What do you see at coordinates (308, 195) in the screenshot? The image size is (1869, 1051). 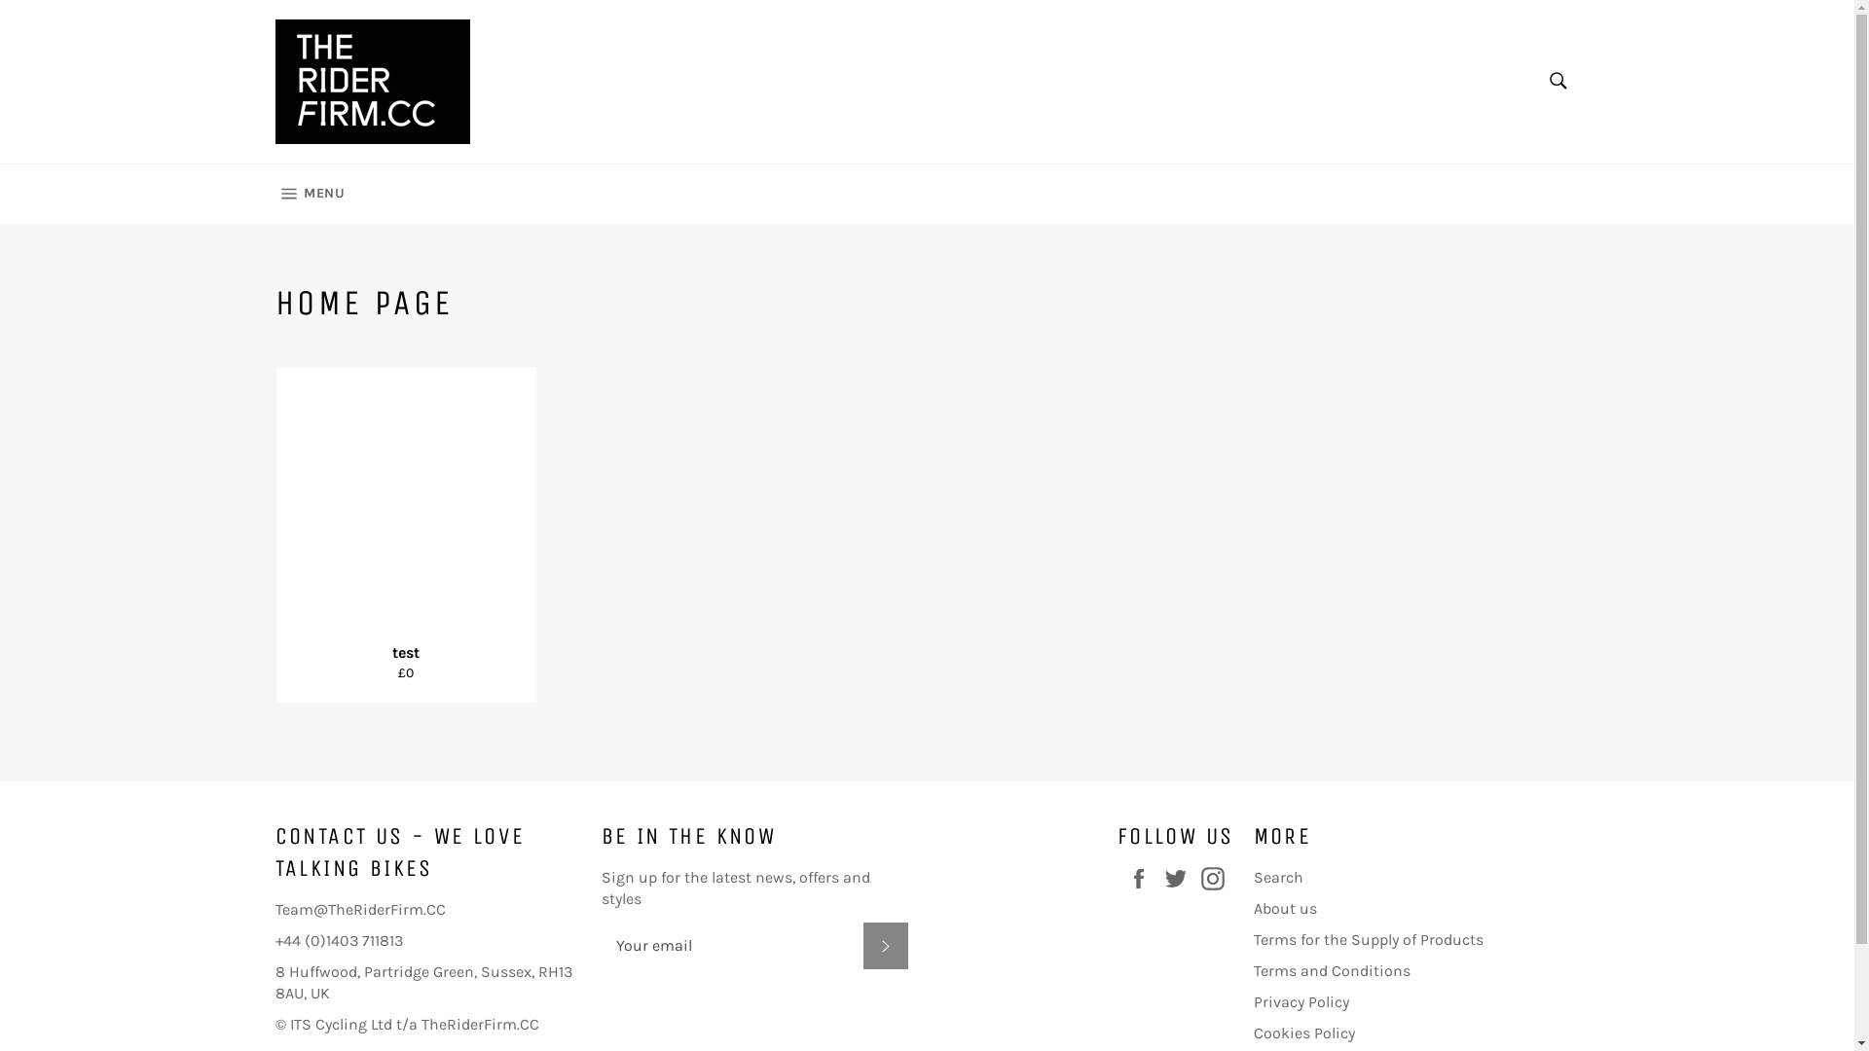 I see `'MENU` at bounding box center [308, 195].